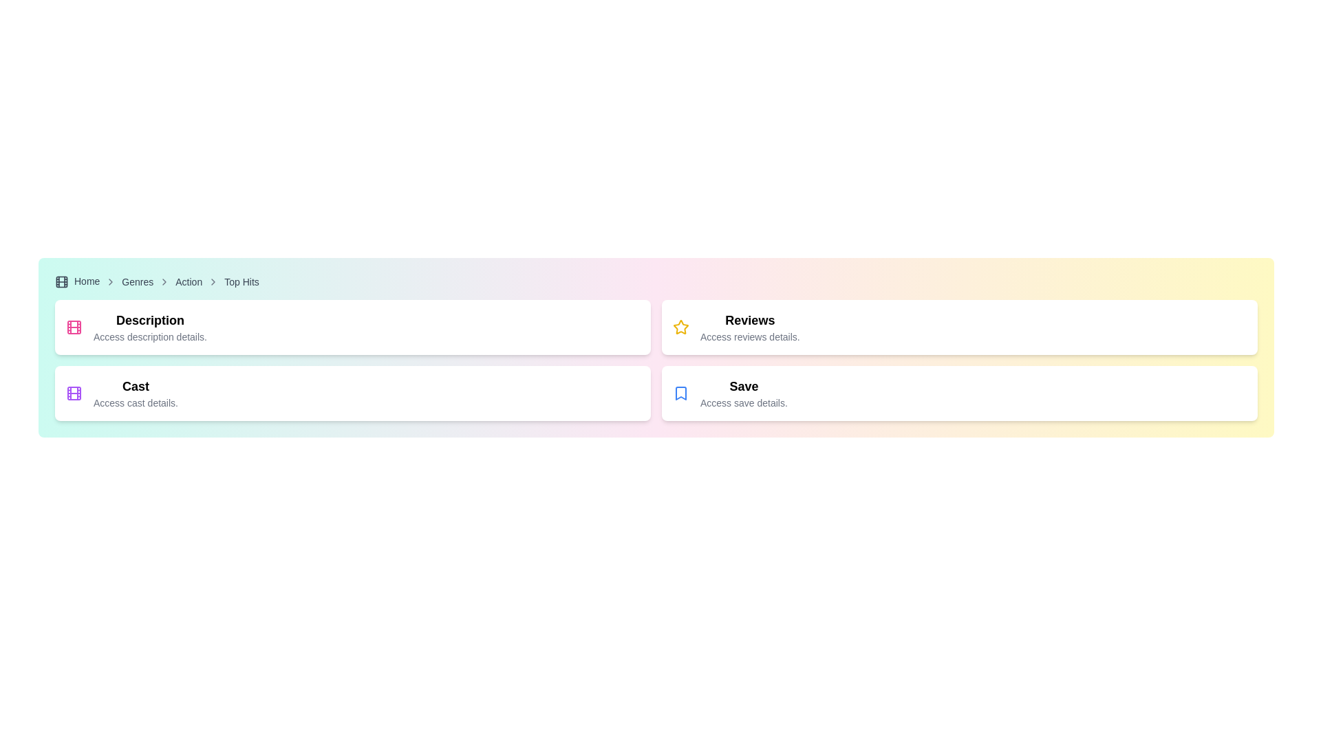  Describe the element at coordinates (74, 327) in the screenshot. I see `the SVG rectangle graphic with rounded corners located in the top left section of the interface, which is above a descriptive text label` at that location.